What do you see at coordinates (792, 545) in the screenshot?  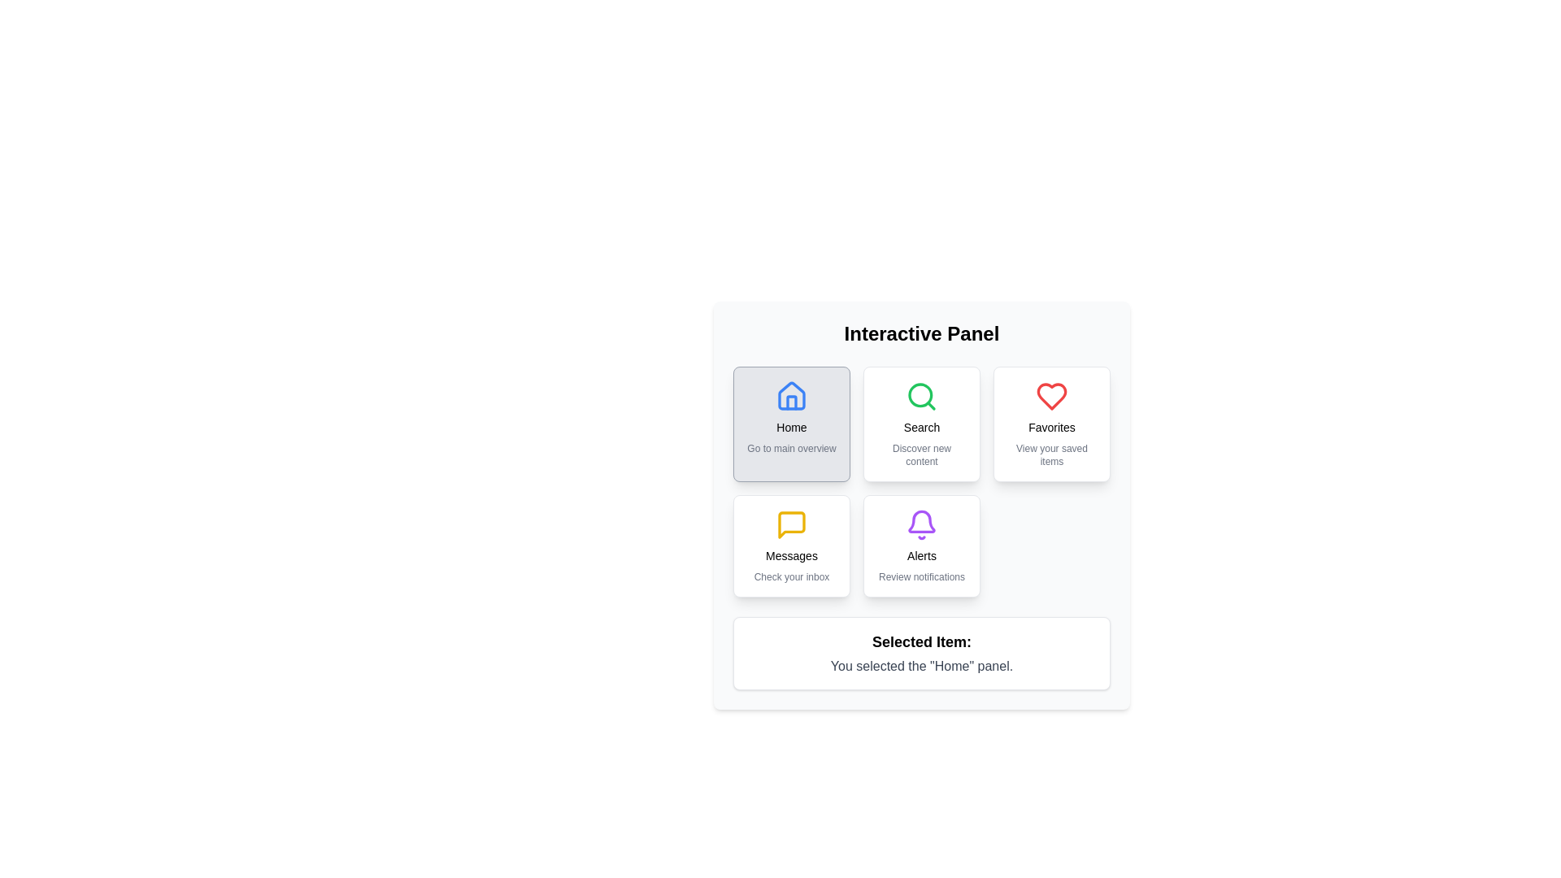 I see `the 'Messages' button, which has a white background, rounded corners, a yellow chat bubble icon at the top, a bold 'Messages' title in black, and a smaller grey text 'Check your inbox' below the title` at bounding box center [792, 545].